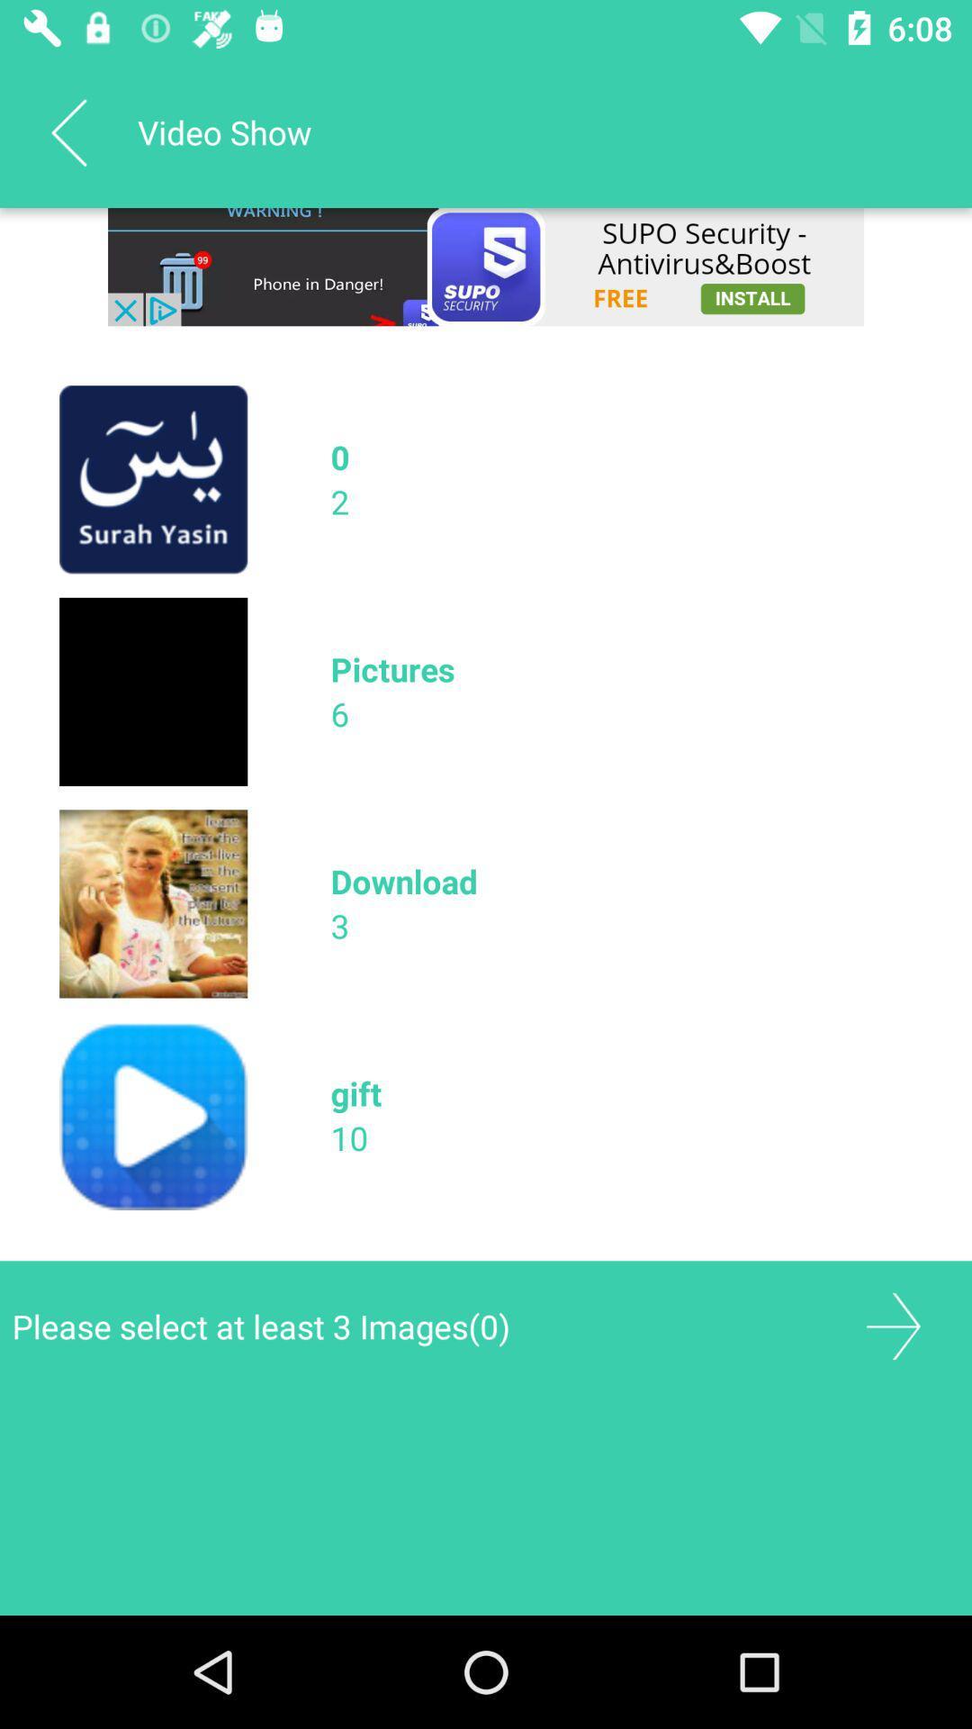 The image size is (972, 1729). I want to click on back button, so click(893, 1326).